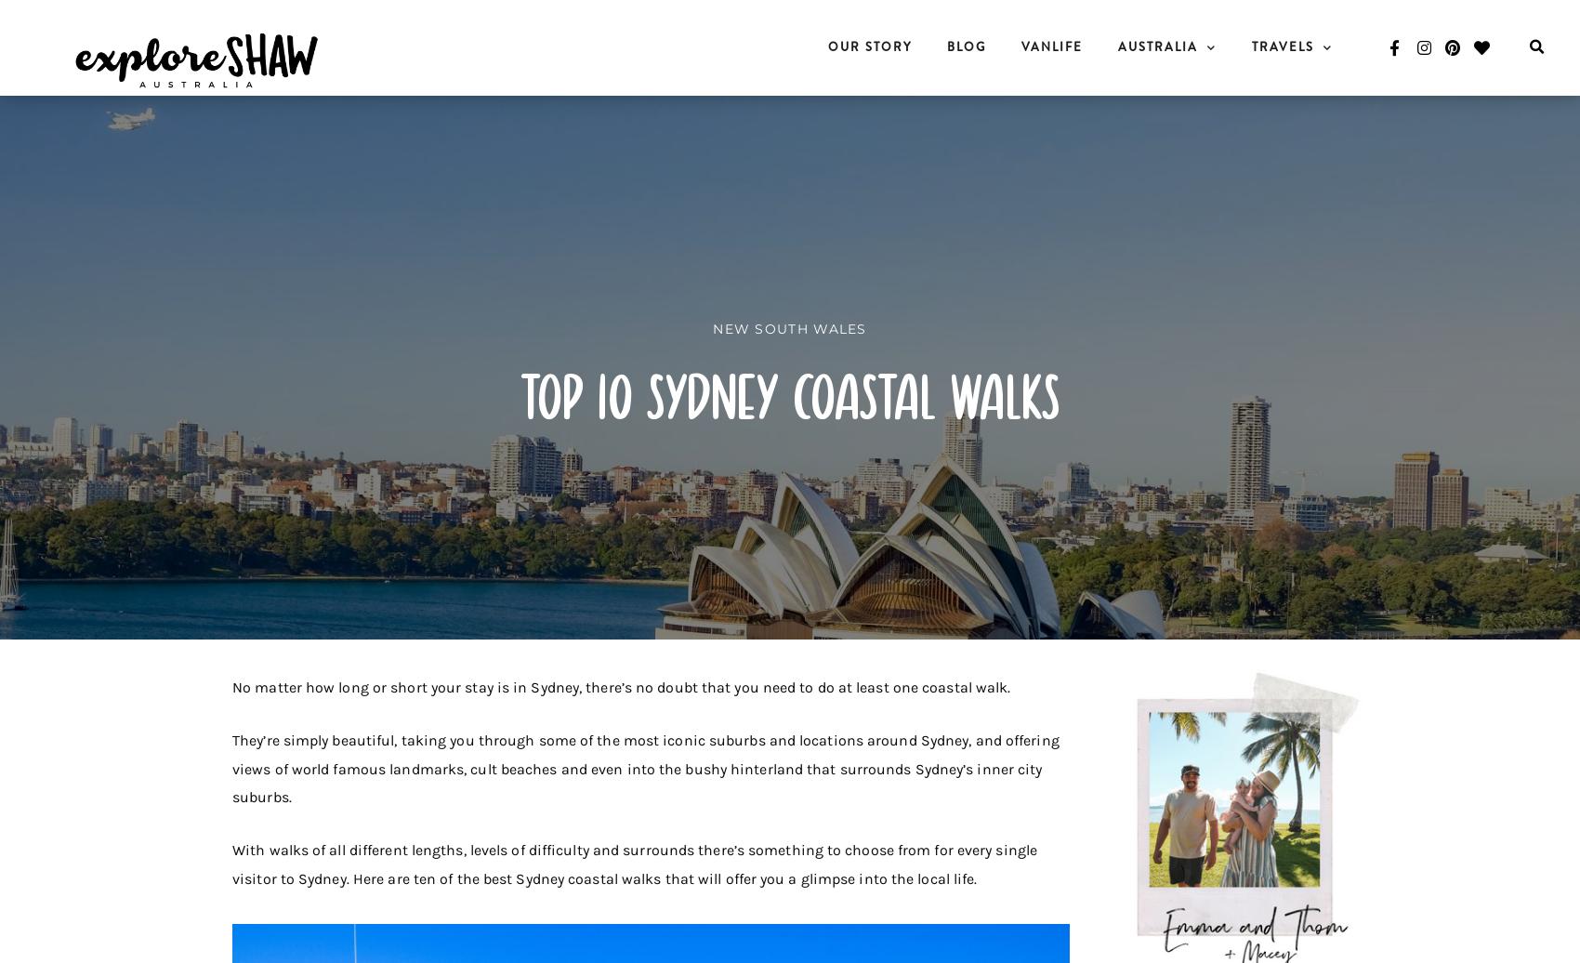 The height and width of the screenshot is (963, 1580). I want to click on 'New South Wales', so click(788, 327).